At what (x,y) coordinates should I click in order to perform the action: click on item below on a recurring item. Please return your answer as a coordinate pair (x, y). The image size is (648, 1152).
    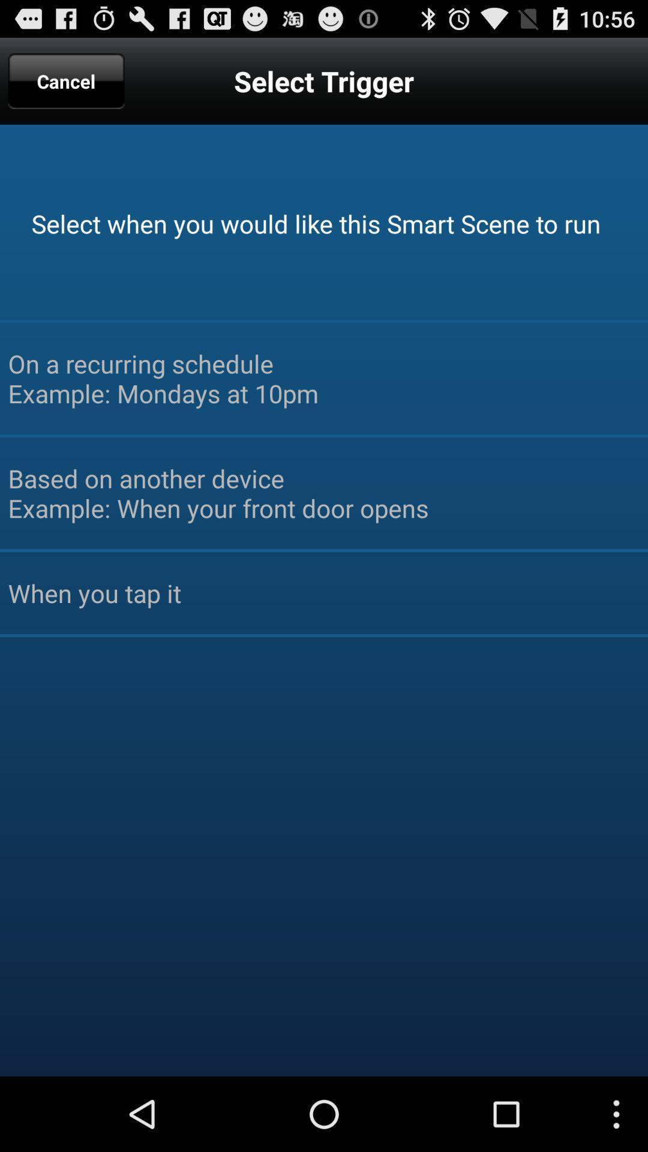
    Looking at the image, I should click on (324, 493).